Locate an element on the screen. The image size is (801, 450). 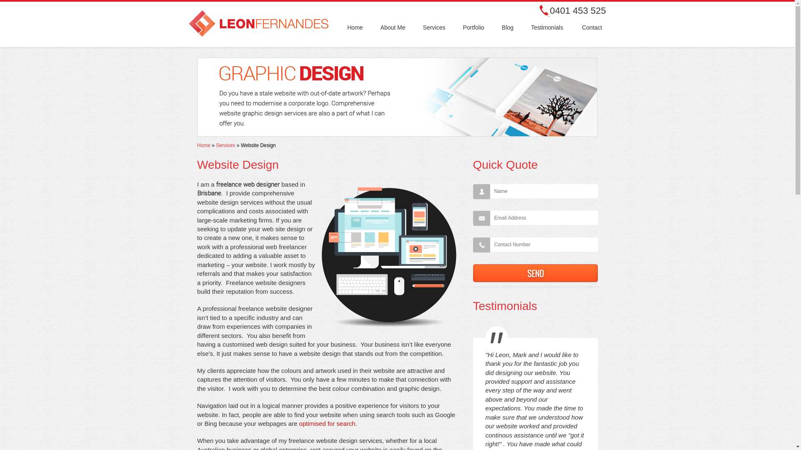
'Services' is located at coordinates (216, 145).